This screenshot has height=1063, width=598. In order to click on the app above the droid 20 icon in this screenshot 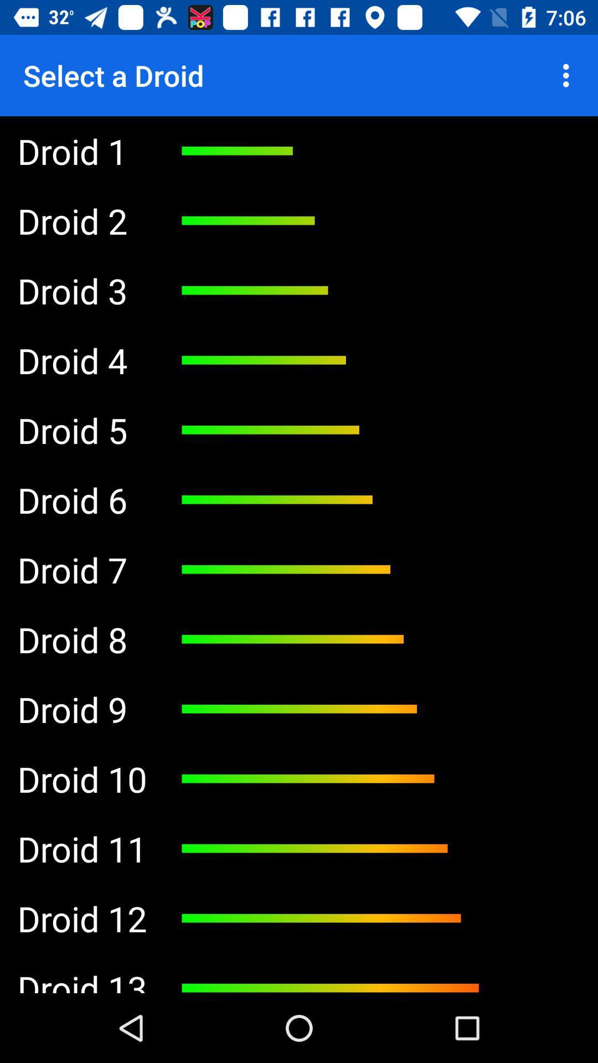, I will do `click(81, 848)`.